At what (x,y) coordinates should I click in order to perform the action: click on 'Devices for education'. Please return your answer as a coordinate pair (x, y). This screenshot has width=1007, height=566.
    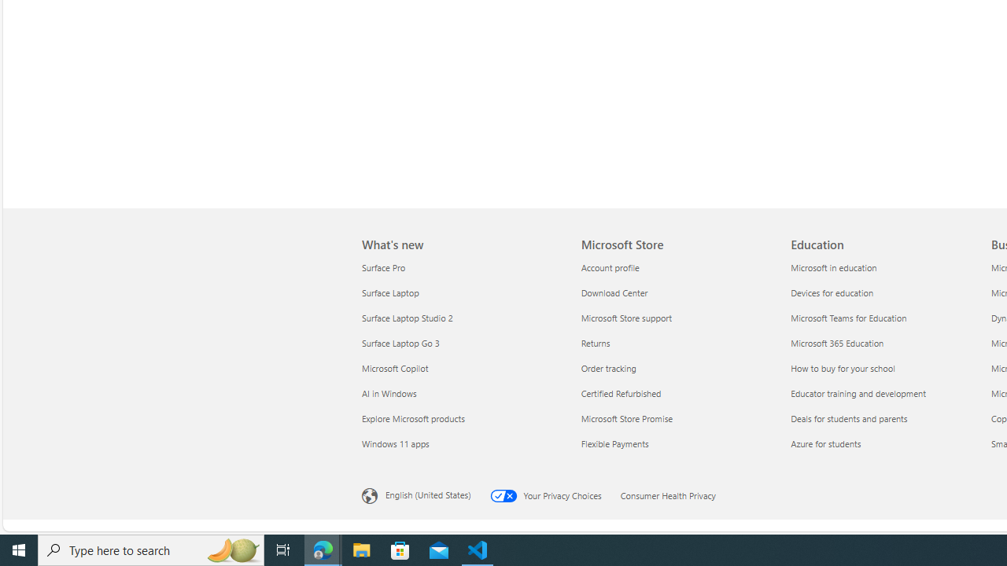
    Looking at the image, I should click on (886, 292).